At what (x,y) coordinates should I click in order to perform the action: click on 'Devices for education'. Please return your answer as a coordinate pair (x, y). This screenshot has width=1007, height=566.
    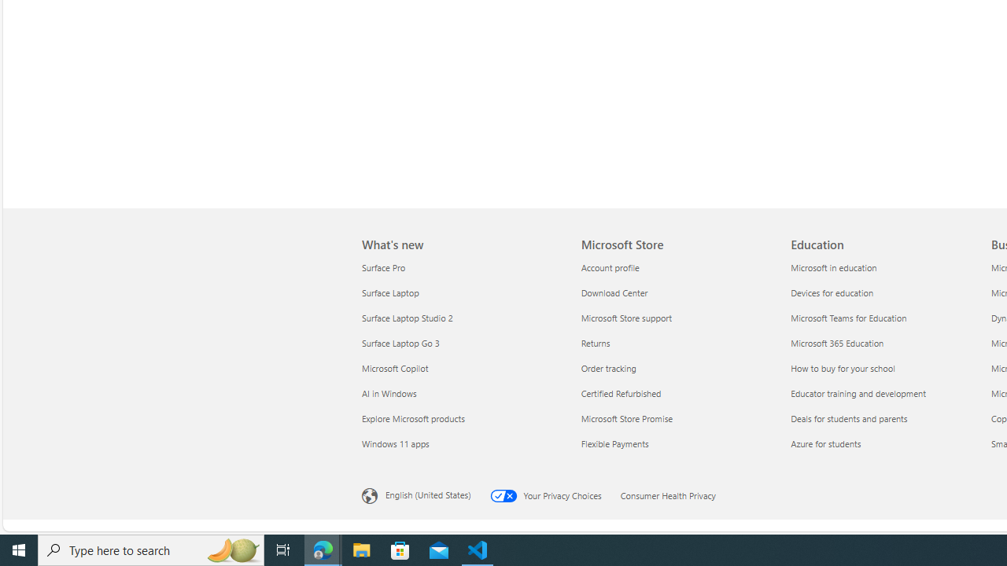
    Looking at the image, I should click on (886, 292).